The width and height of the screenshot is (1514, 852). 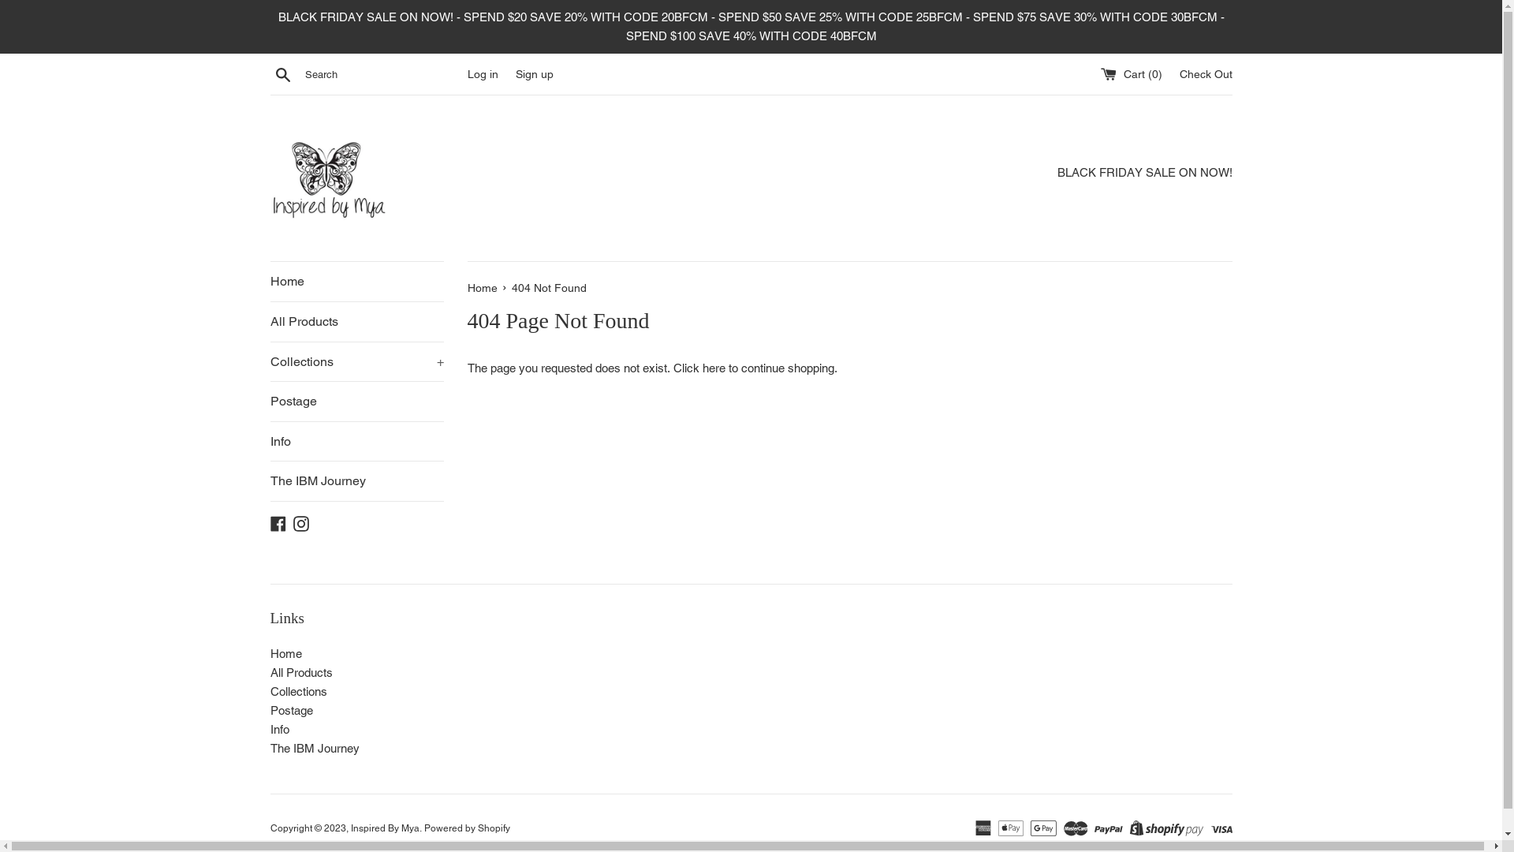 What do you see at coordinates (534, 73) in the screenshot?
I see `'Sign up'` at bounding box center [534, 73].